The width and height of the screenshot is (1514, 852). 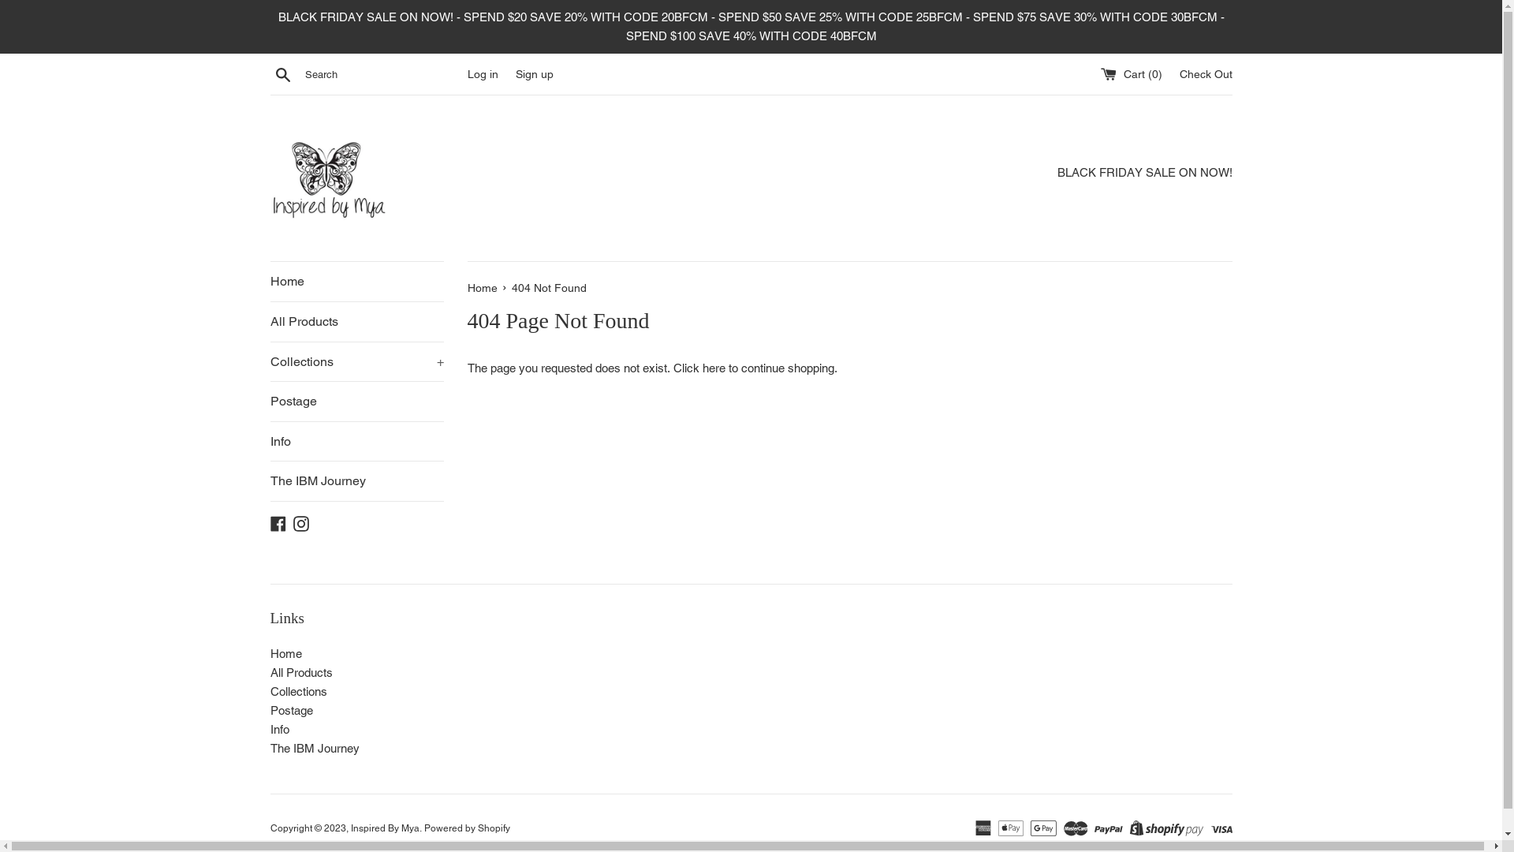 What do you see at coordinates (534, 73) in the screenshot?
I see `'Sign up'` at bounding box center [534, 73].